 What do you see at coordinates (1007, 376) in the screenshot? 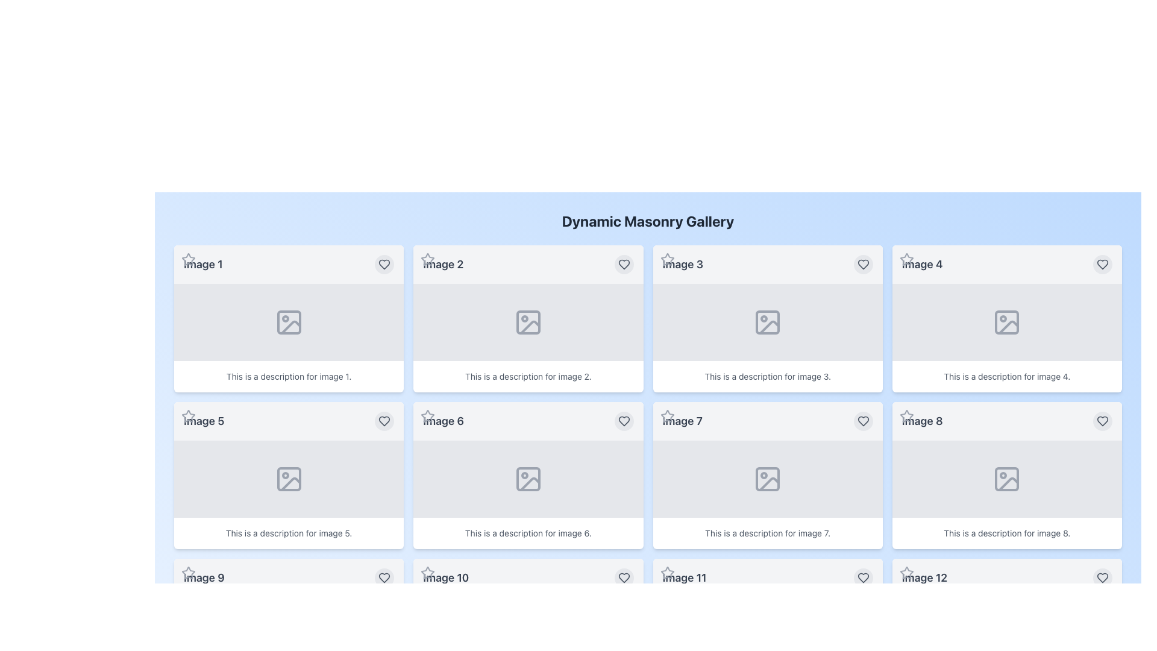
I see `text label that displays 'This is a description for image 4.' located below the image representation of 'Image 4' in the fourth box of the top row` at bounding box center [1007, 376].